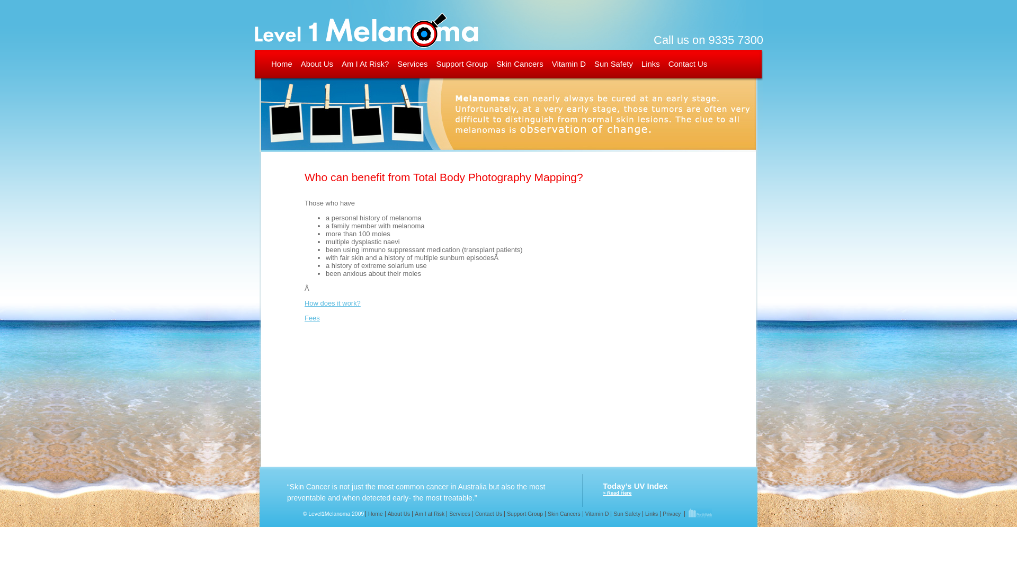 The width and height of the screenshot is (1017, 572). Describe the element at coordinates (613, 64) in the screenshot. I see `'Sun Safety'` at that location.